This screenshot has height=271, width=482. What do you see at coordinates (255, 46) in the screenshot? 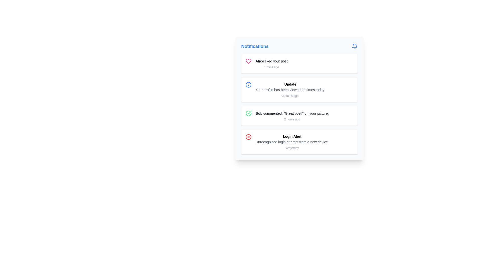
I see `the bold blue text 'Notifications', which serves as the header for the notifications panel, positioned at the top-left of the content block` at bounding box center [255, 46].